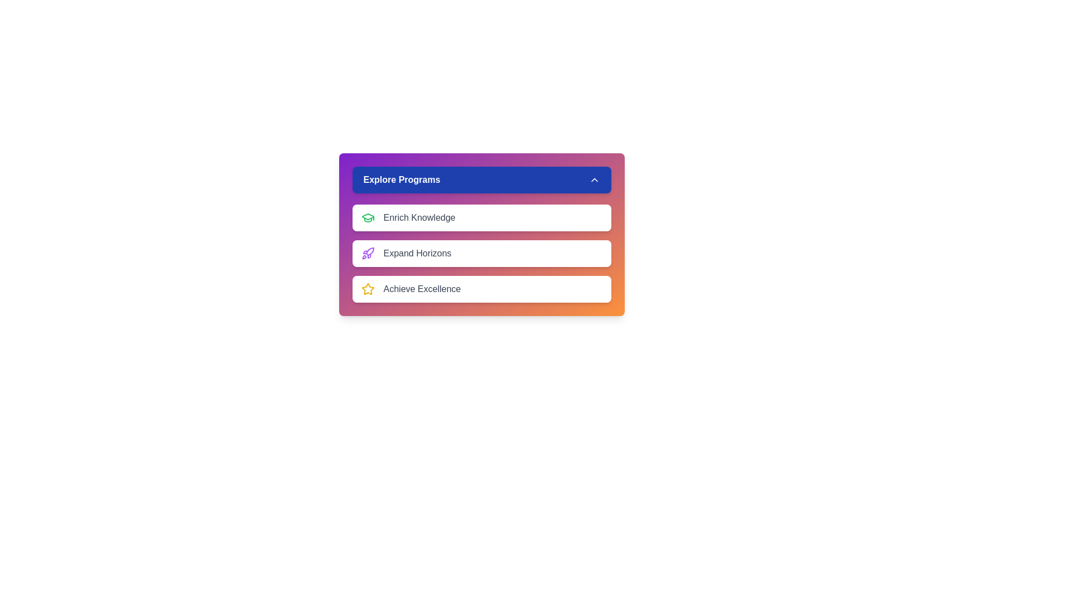  I want to click on the first icon representing the 'Enrich Knowledge' option, which is styled as a white, rounded rectangle with a shadow effect, so click(368, 217).